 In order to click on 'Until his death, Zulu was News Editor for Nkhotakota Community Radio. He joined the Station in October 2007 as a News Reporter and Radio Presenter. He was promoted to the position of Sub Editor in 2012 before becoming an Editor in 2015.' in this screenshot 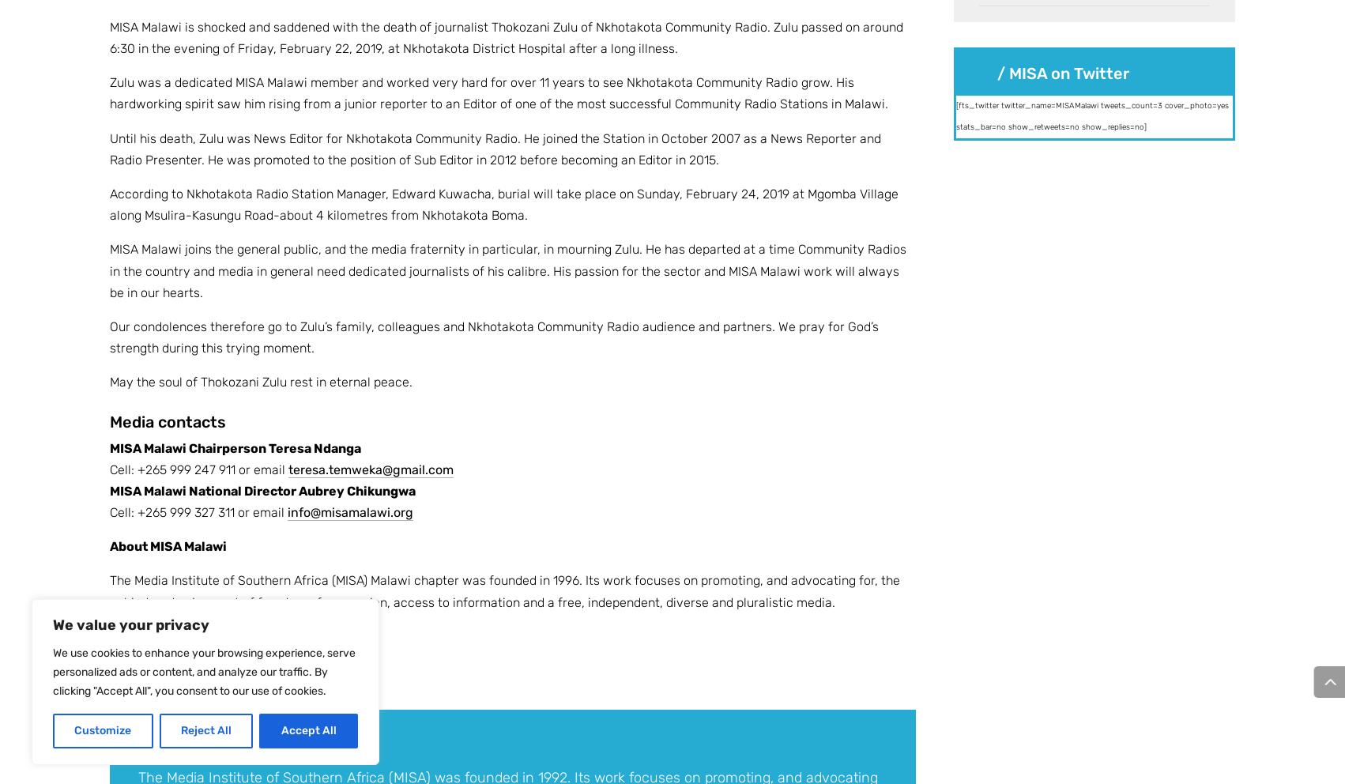, I will do `click(495, 147)`.